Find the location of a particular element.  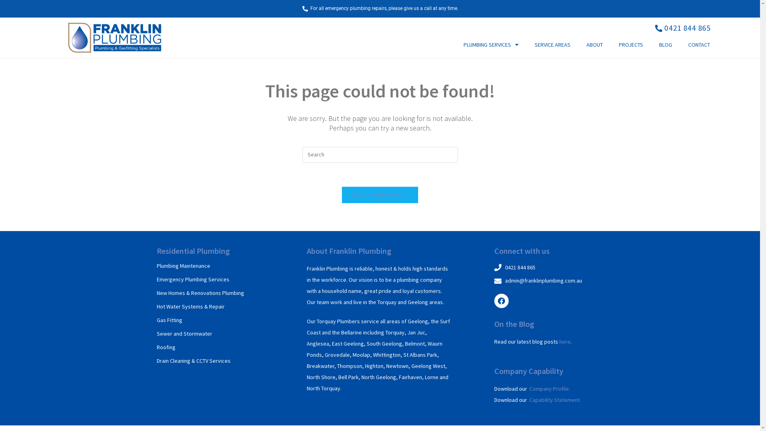

'SERVICE AREAS' is located at coordinates (527, 44).